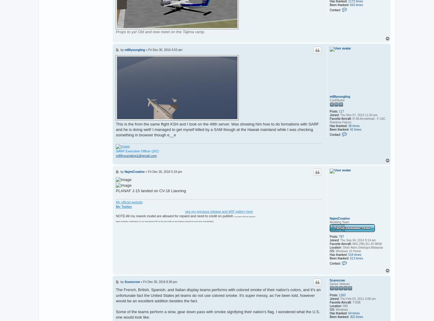 The image size is (434, 321). Describe the element at coordinates (137, 151) in the screenshot. I see `'SARF Executive Officer (2IC)'` at that location.